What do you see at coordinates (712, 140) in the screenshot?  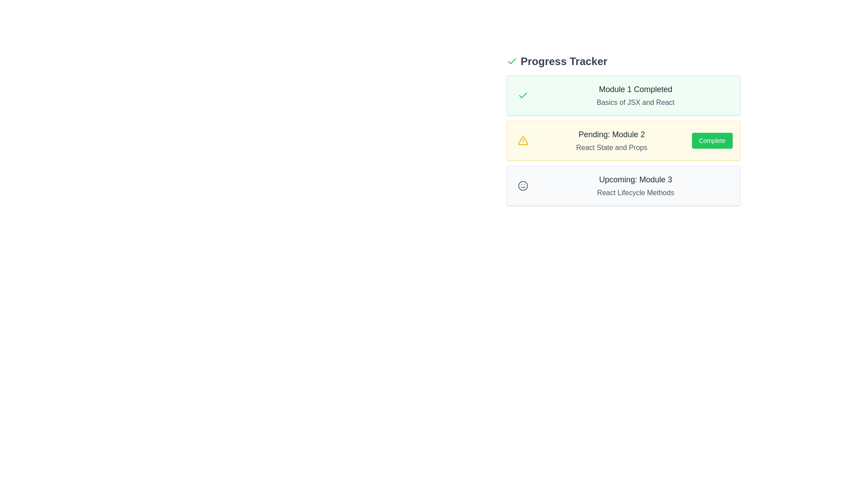 I see `the 'Complete' button located at the bottom-right corner of the second item in the progress tracker labeled 'Pending: Module 2 - React State and Props' to mark the module as completed` at bounding box center [712, 140].